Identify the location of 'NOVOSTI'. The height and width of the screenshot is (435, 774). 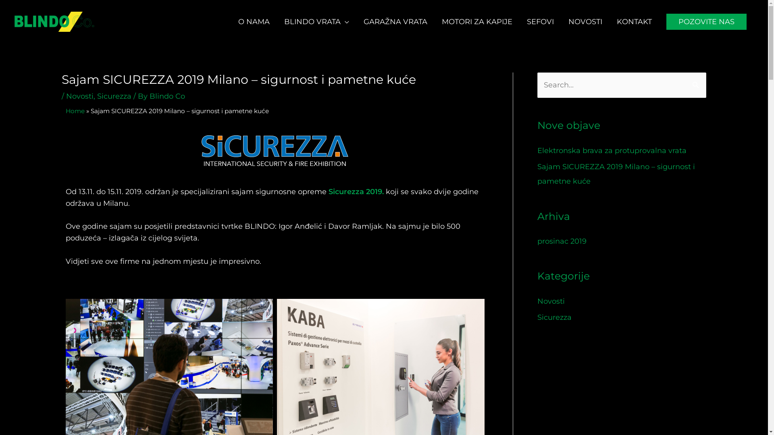
(561, 21).